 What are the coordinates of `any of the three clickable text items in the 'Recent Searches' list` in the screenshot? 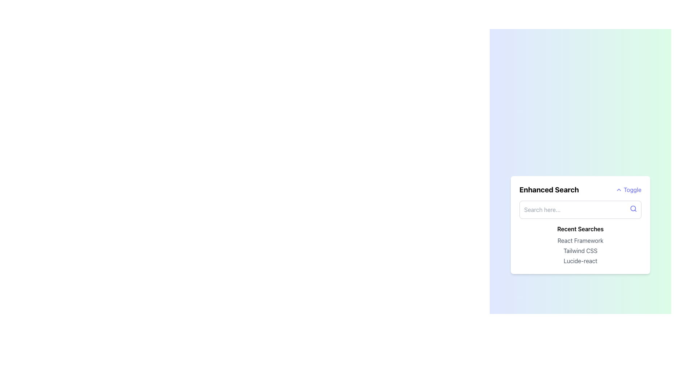 It's located at (580, 250).